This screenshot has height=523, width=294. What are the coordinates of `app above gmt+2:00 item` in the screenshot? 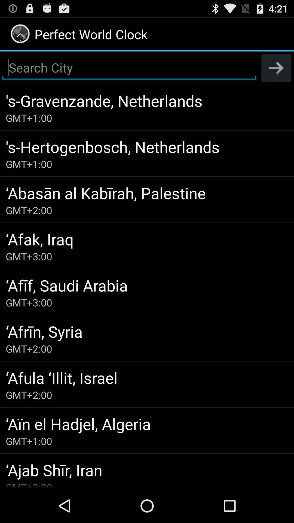 It's located at (147, 377).